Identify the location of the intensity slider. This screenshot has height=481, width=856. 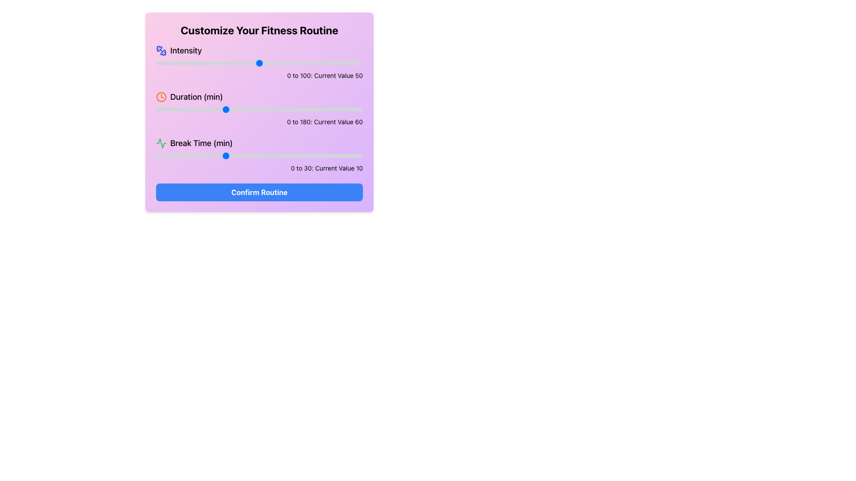
(317, 63).